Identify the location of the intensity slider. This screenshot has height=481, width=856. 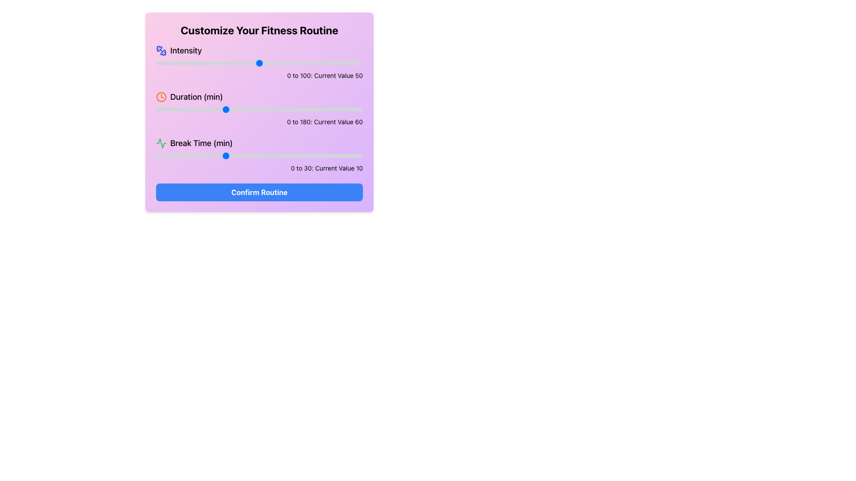
(317, 63).